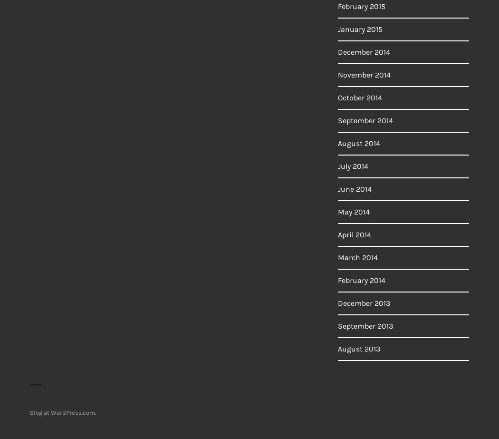 Image resolution: width=499 pixels, height=439 pixels. Describe the element at coordinates (337, 166) in the screenshot. I see `'July 2014'` at that location.